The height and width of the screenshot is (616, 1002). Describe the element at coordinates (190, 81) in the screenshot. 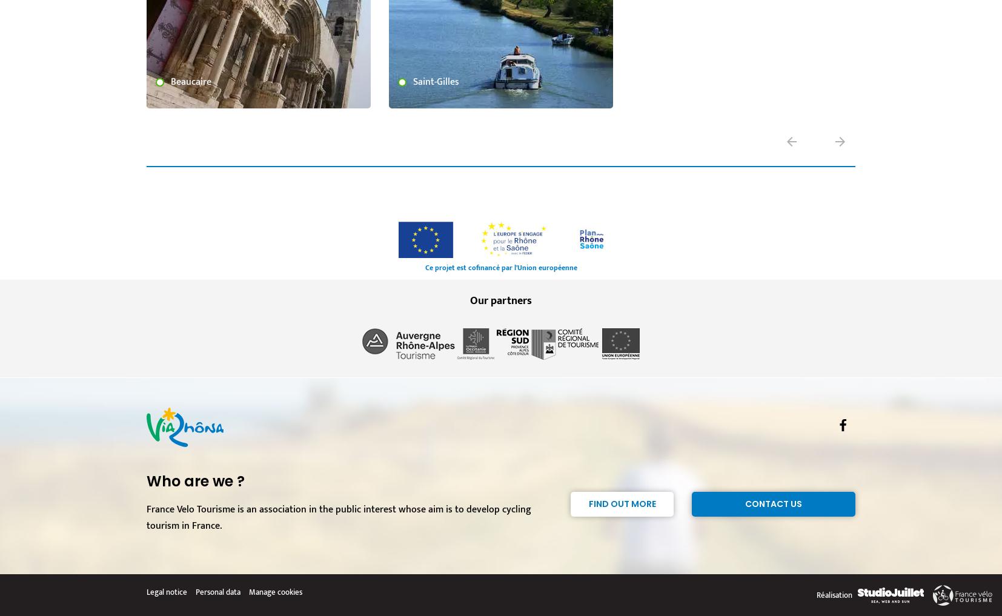

I see `'Beaucaire'` at that location.